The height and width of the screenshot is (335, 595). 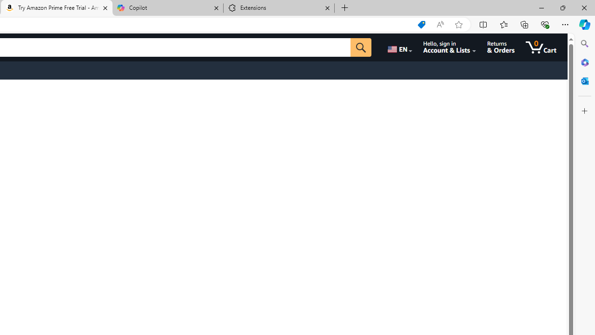 I want to click on 'Hello, sign in Account & Lists', so click(x=450, y=47).